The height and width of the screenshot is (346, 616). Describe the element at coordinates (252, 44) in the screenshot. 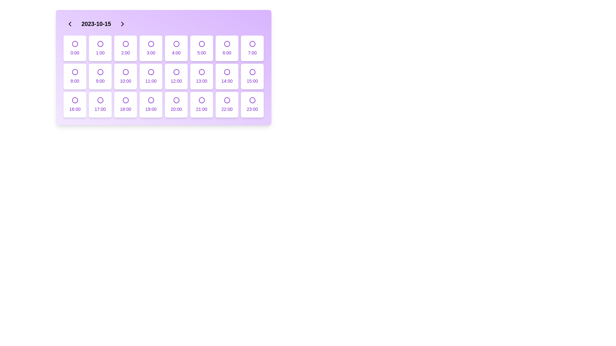

I see `the circular indicator resembling a selection circle located in the '7:00' time slot of the grid layout` at that location.